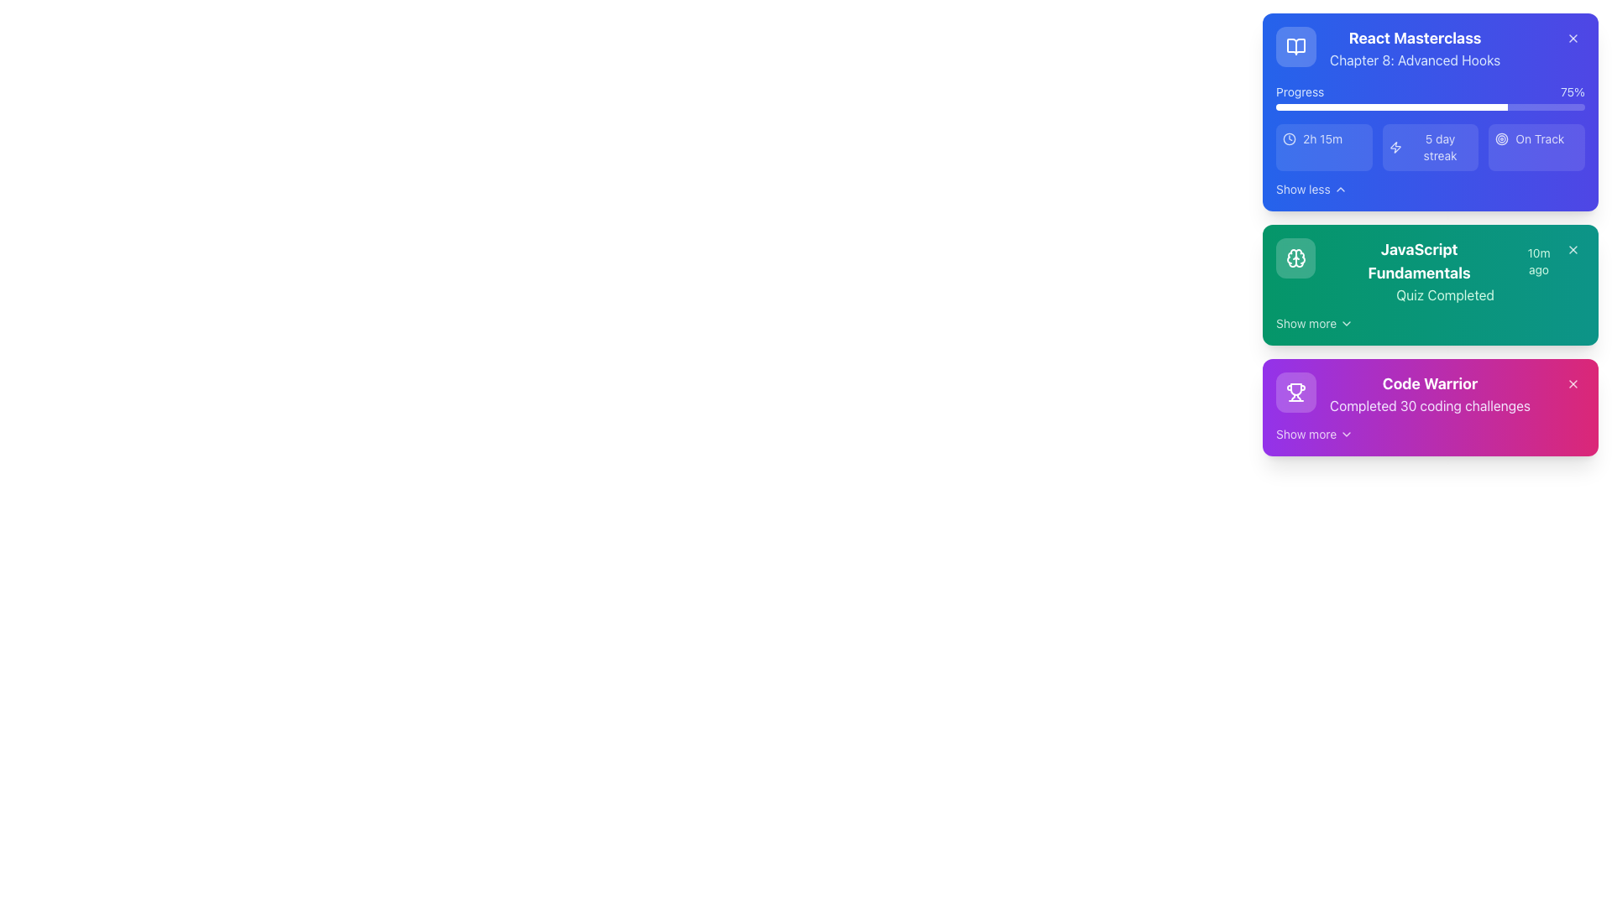  Describe the element at coordinates (1444, 271) in the screenshot. I see `the Text Display element that provides information about the completion status and timing of the JavaScript Fundamentals quiz, located centrally within the green card, beneath the '10m ago' text and above the 'Quiz Completed' text` at that location.